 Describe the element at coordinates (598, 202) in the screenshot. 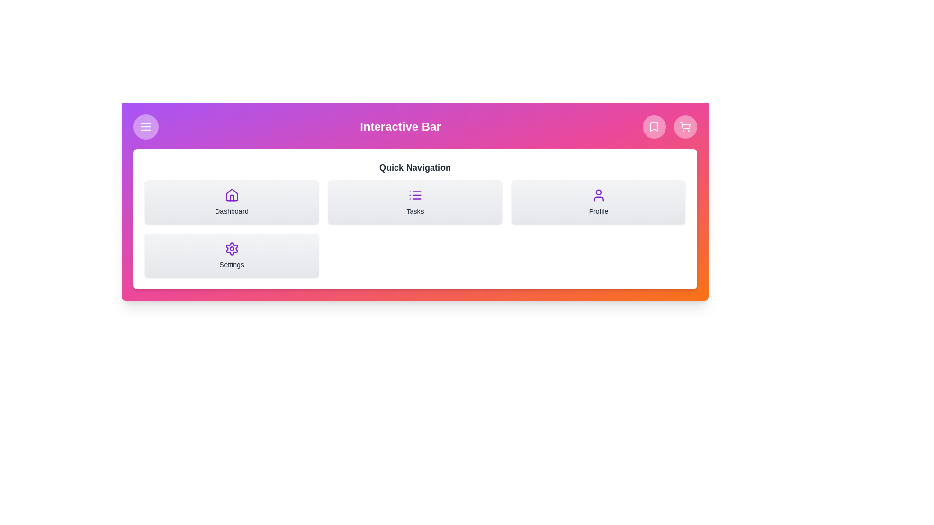

I see `the 'Profile' navigation button` at that location.